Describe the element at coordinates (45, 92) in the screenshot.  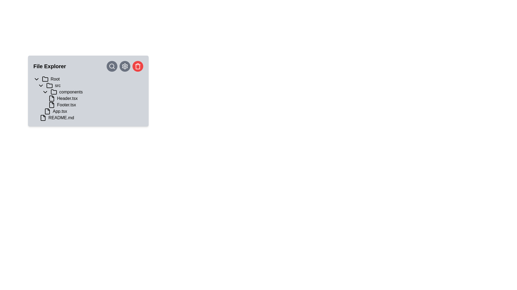
I see `the downward-pointing chevron-shaped arrow icon located immediately before the folder icon` at that location.